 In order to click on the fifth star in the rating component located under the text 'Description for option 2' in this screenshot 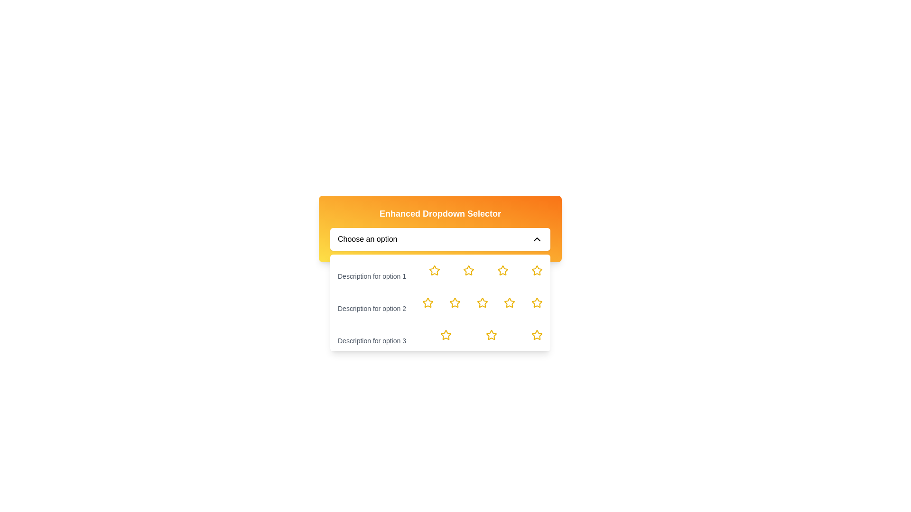, I will do `click(509, 303)`.